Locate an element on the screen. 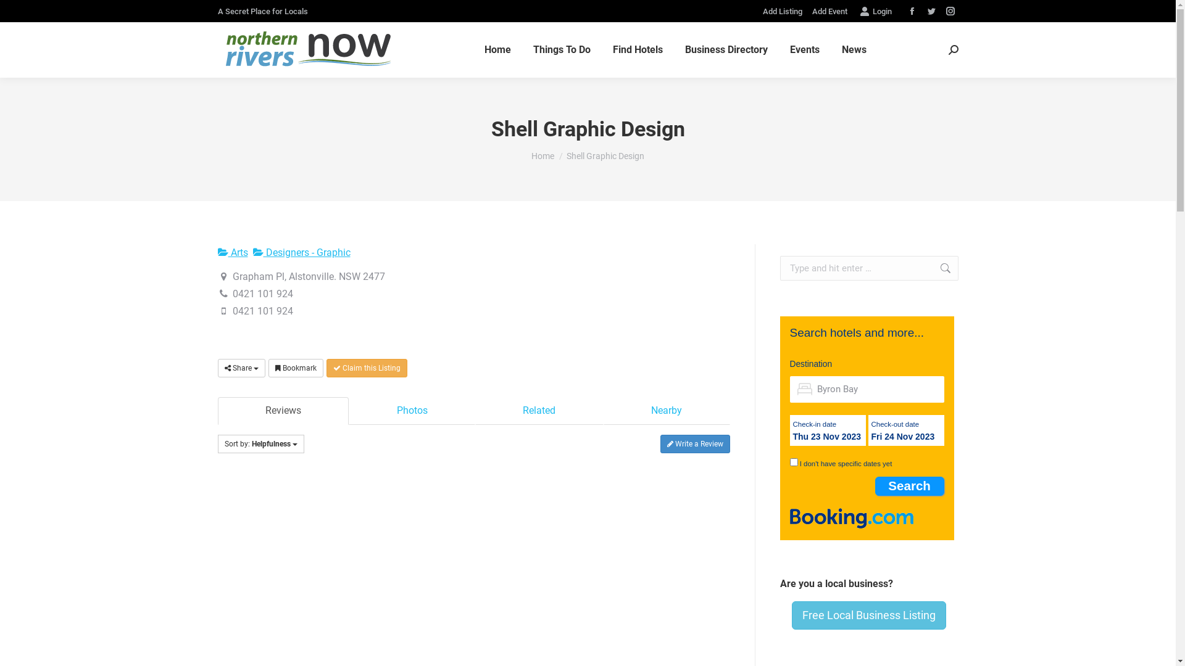 This screenshot has width=1185, height=666. 'Instagram page opens in new window' is located at coordinates (949, 11).